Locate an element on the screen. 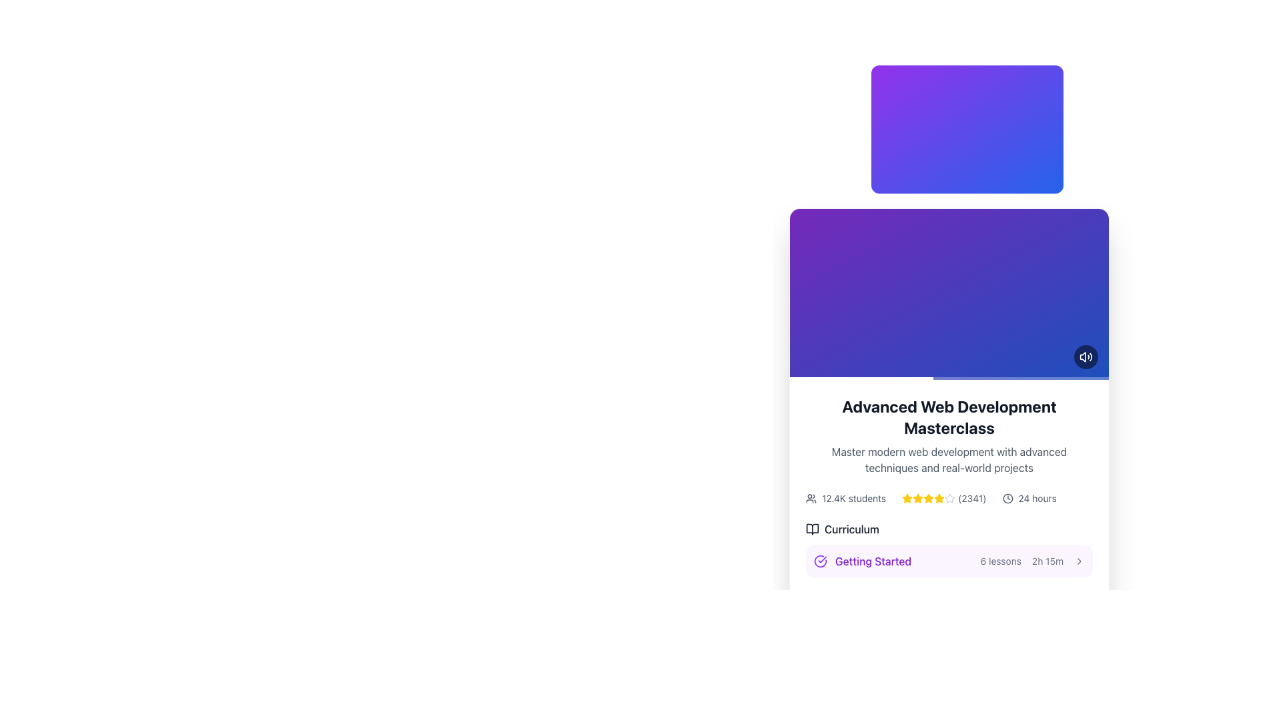 The height and width of the screenshot is (721, 1281). the audio control button located at the bottom-right corner of the blue-purple gradient section is located at coordinates (1086, 356).